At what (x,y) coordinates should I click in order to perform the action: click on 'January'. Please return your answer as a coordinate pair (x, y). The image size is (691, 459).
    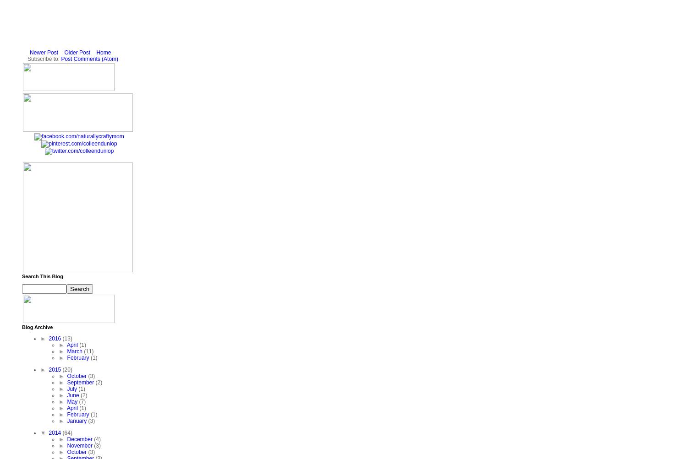
    Looking at the image, I should click on (77, 420).